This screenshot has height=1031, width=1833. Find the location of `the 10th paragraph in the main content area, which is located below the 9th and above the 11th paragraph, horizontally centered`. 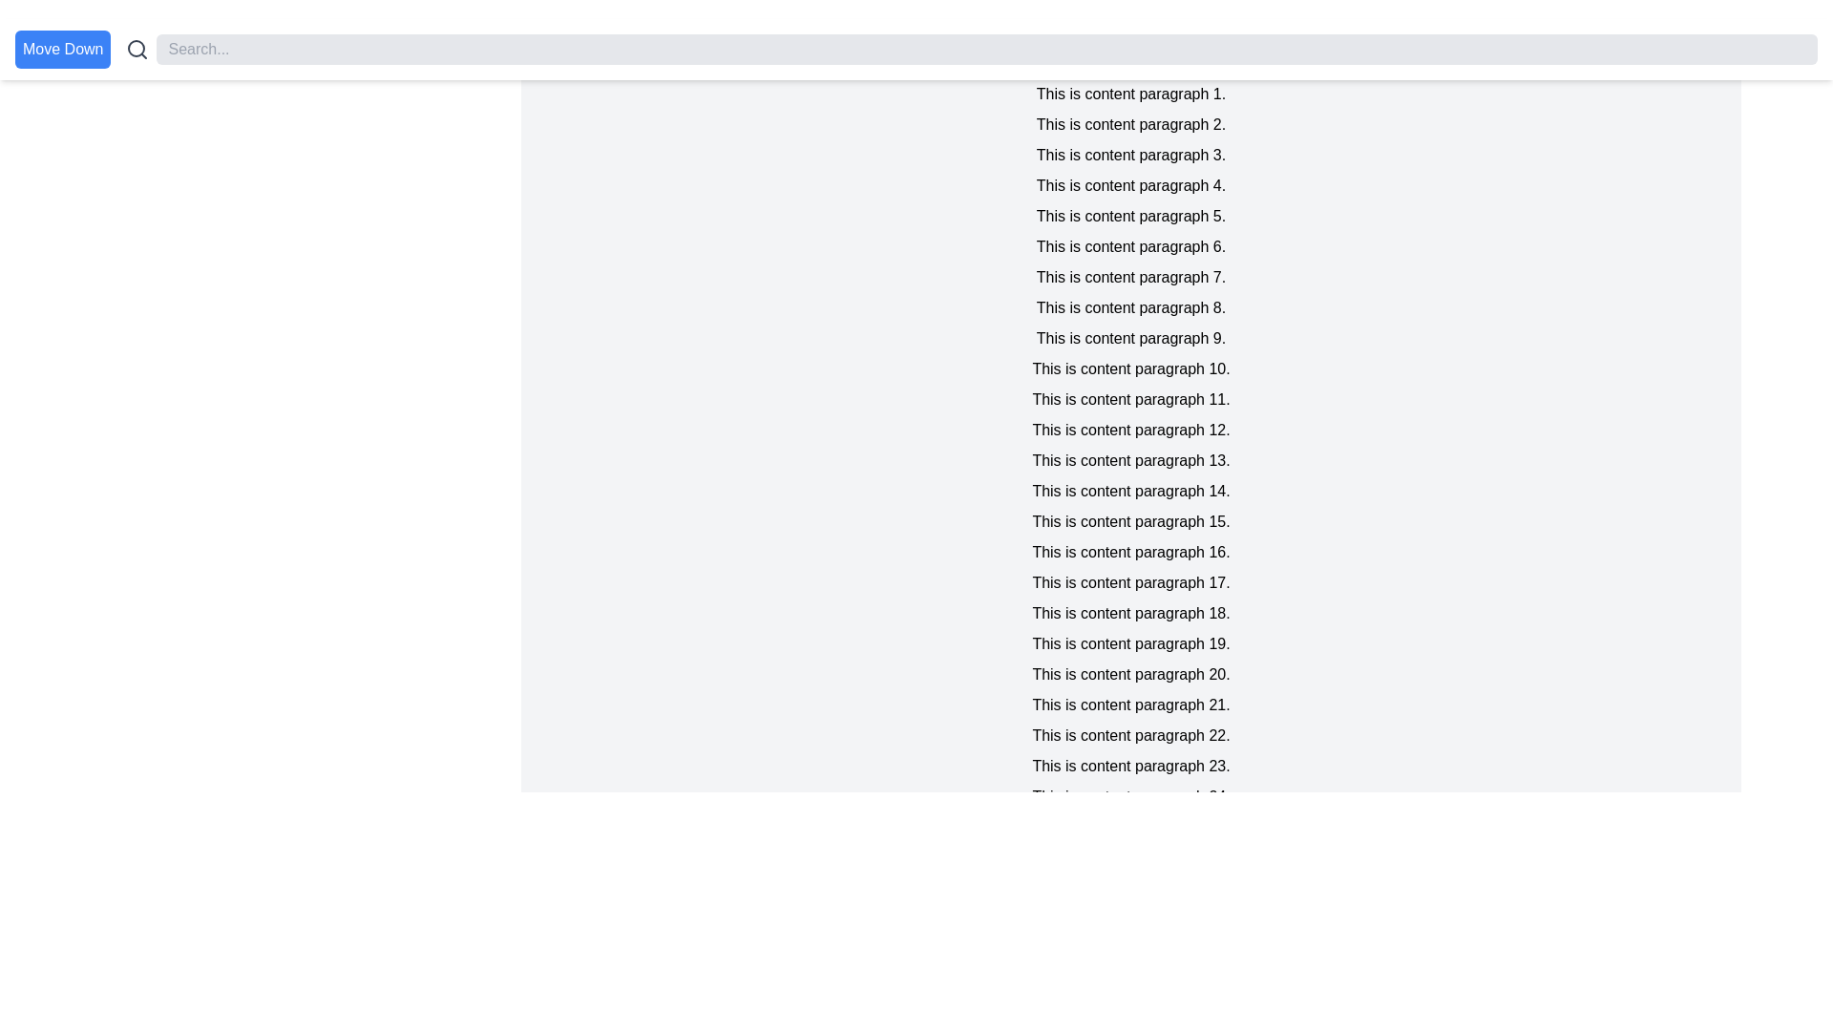

the 10th paragraph in the main content area, which is located below the 9th and above the 11th paragraph, horizontally centered is located at coordinates (1131, 368).